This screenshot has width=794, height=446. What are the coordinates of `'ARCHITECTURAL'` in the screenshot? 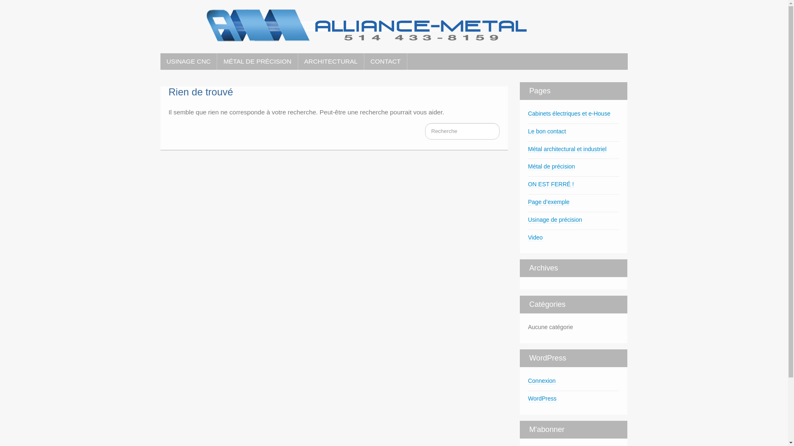 It's located at (331, 61).